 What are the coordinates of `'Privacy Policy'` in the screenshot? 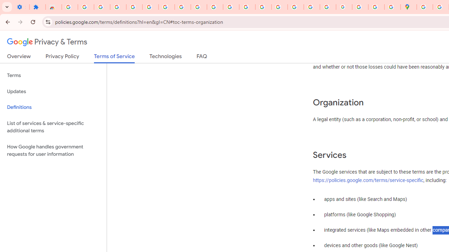 It's located at (62, 57).